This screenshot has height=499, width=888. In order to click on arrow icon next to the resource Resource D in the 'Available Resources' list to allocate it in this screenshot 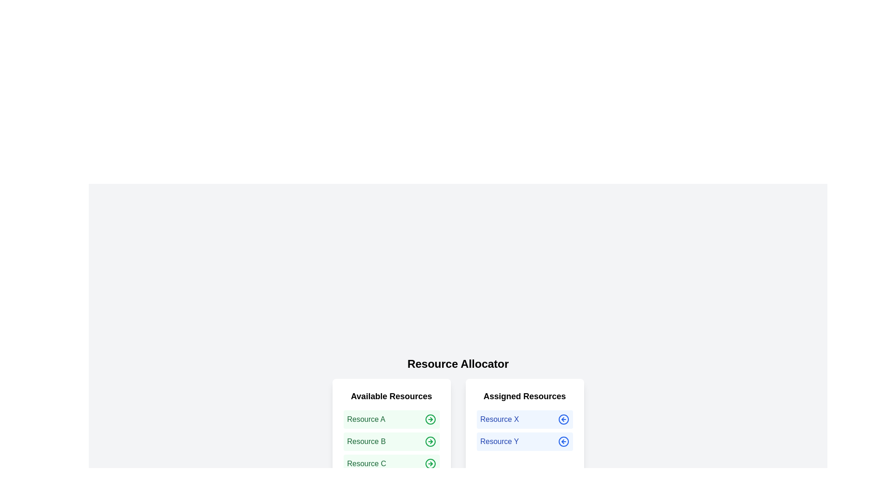, I will do `click(430, 486)`.